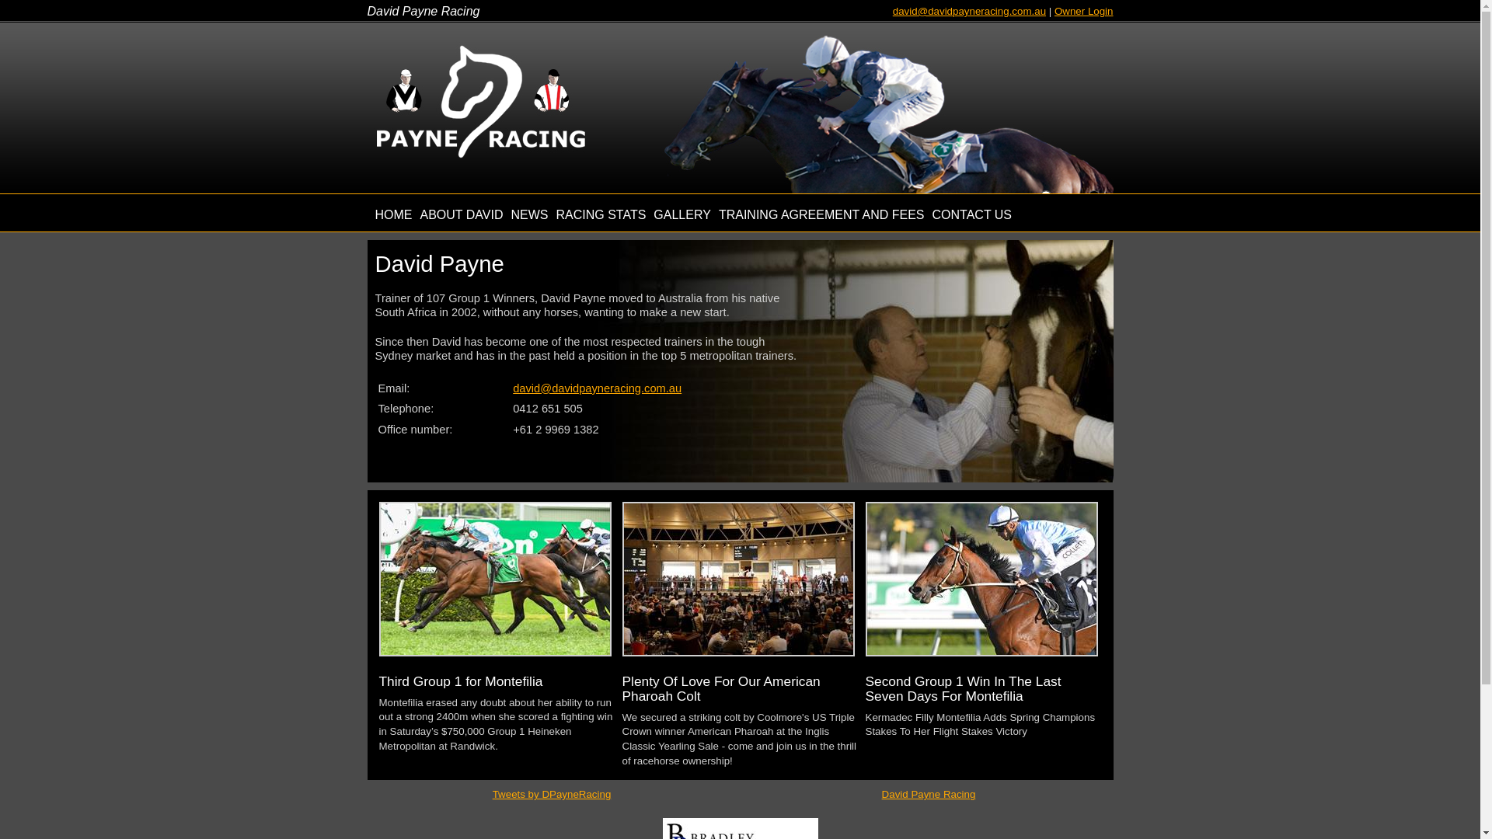 Image resolution: width=1492 pixels, height=839 pixels. What do you see at coordinates (1055, 11) in the screenshot?
I see `'Owner Login'` at bounding box center [1055, 11].